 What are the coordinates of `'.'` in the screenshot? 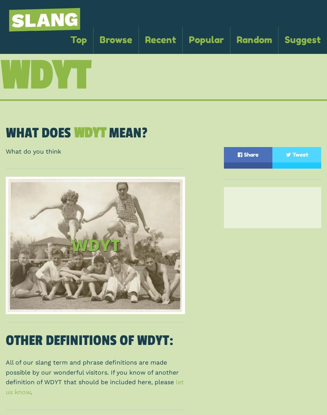 It's located at (31, 391).